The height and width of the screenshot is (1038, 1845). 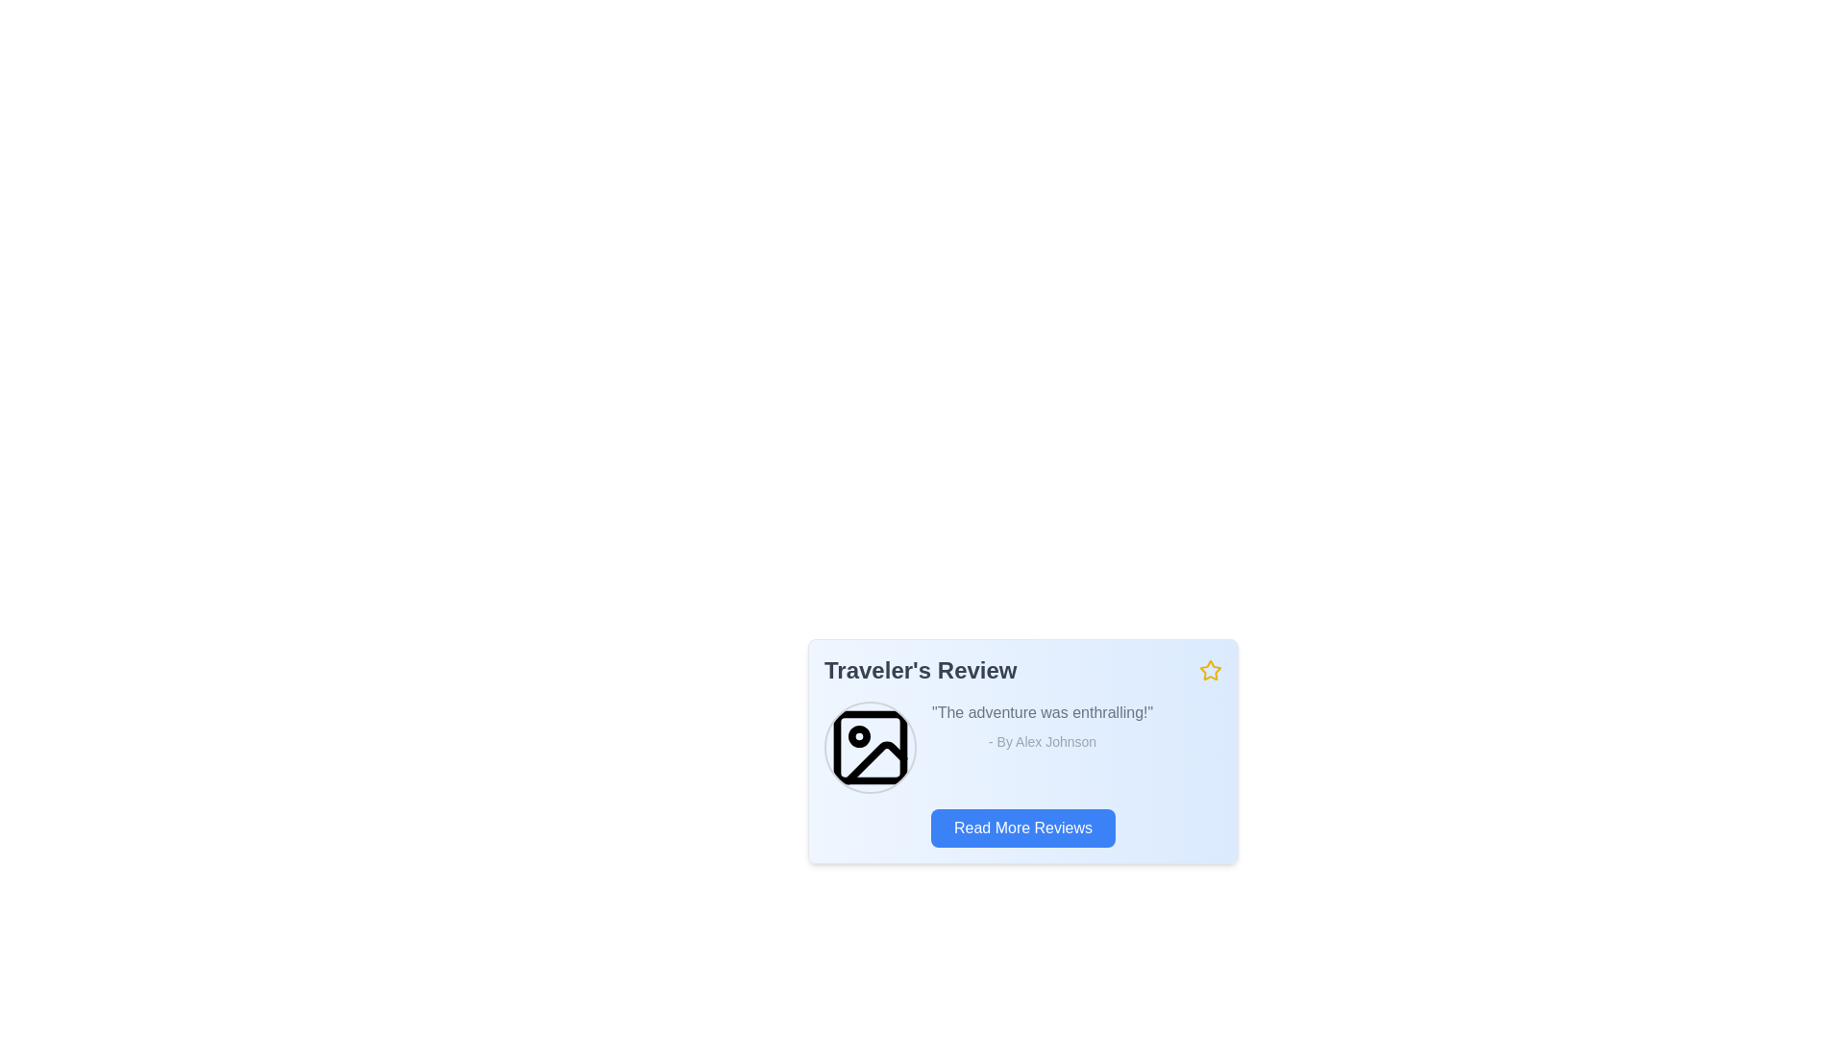 What do you see at coordinates (1041, 747) in the screenshot?
I see `displayed user review text from the Text Block located within the card layout towards the bottom-right of the display` at bounding box center [1041, 747].